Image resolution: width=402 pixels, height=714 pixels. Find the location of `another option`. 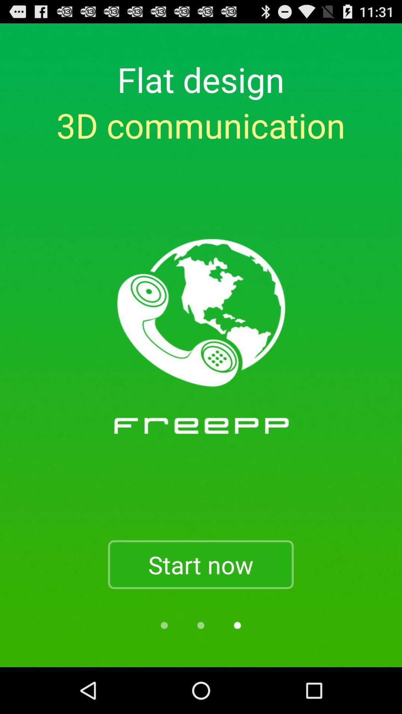

another option is located at coordinates (164, 625).